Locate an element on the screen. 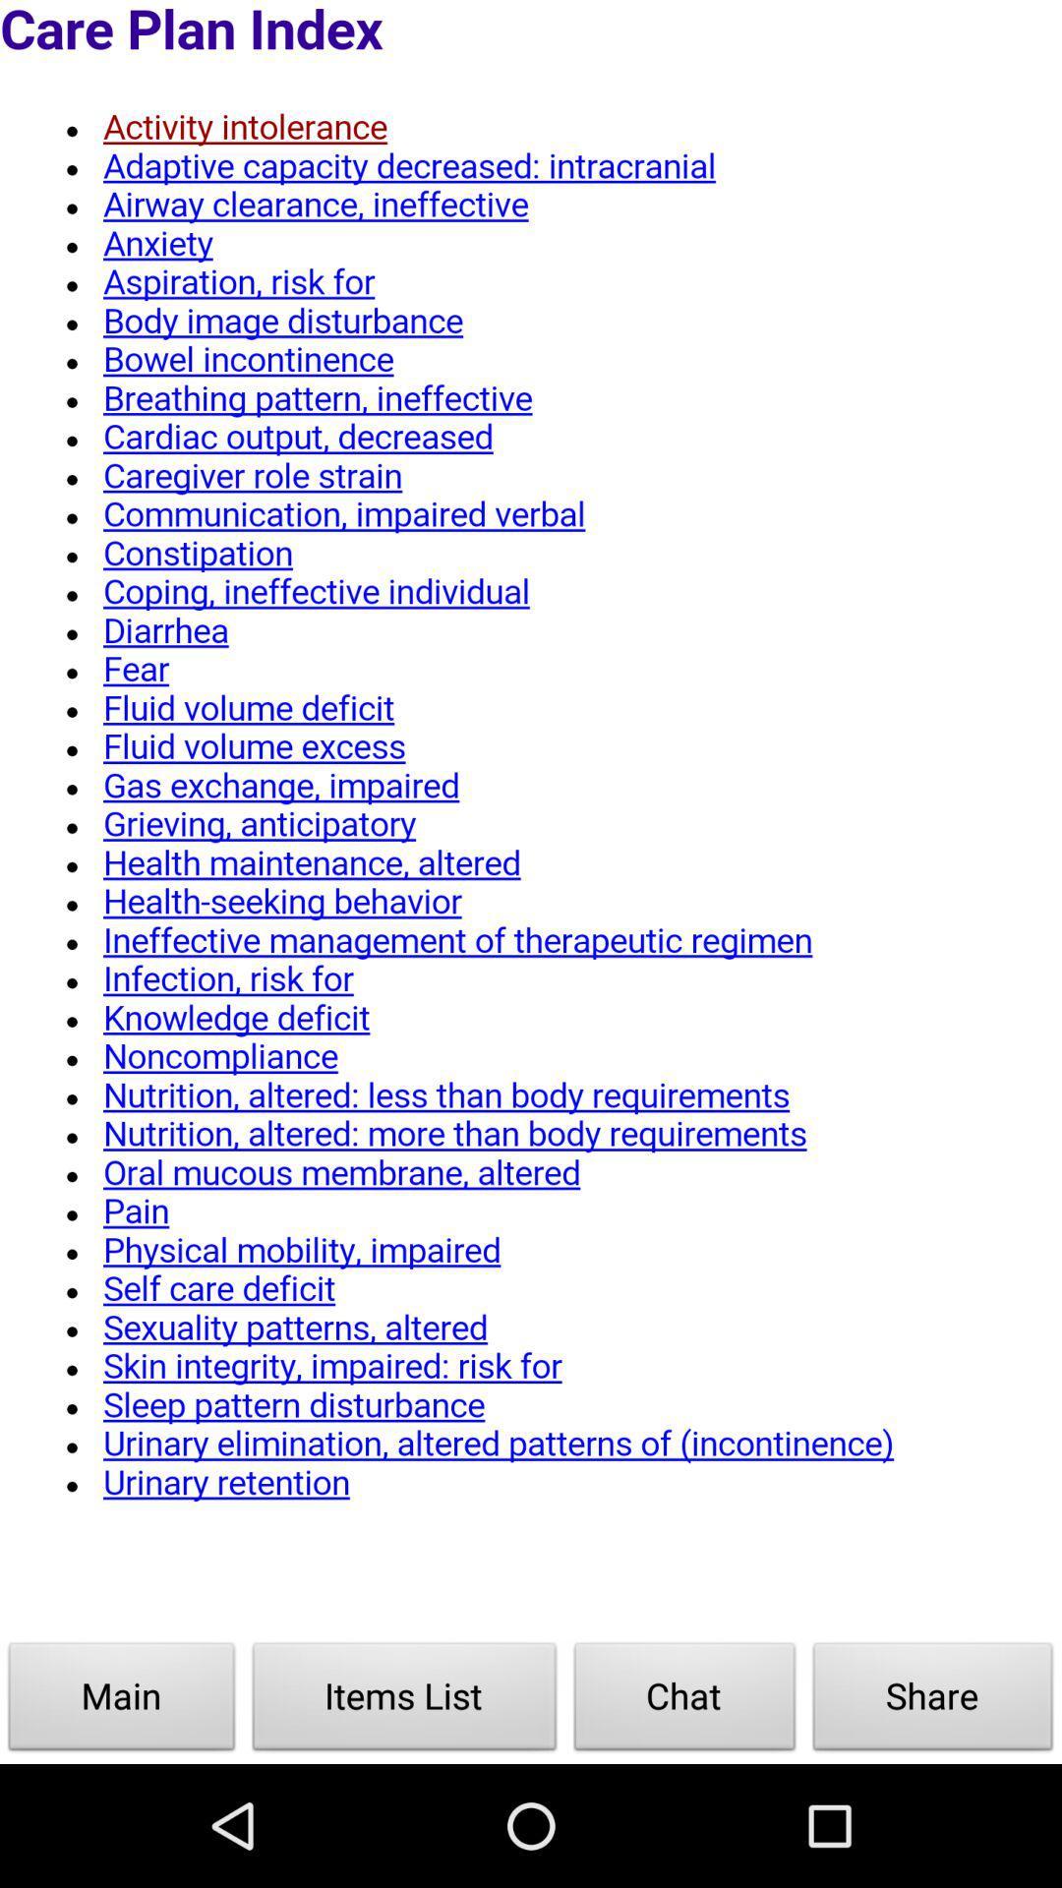 This screenshot has height=1888, width=1062. click on the page is located at coordinates (531, 820).